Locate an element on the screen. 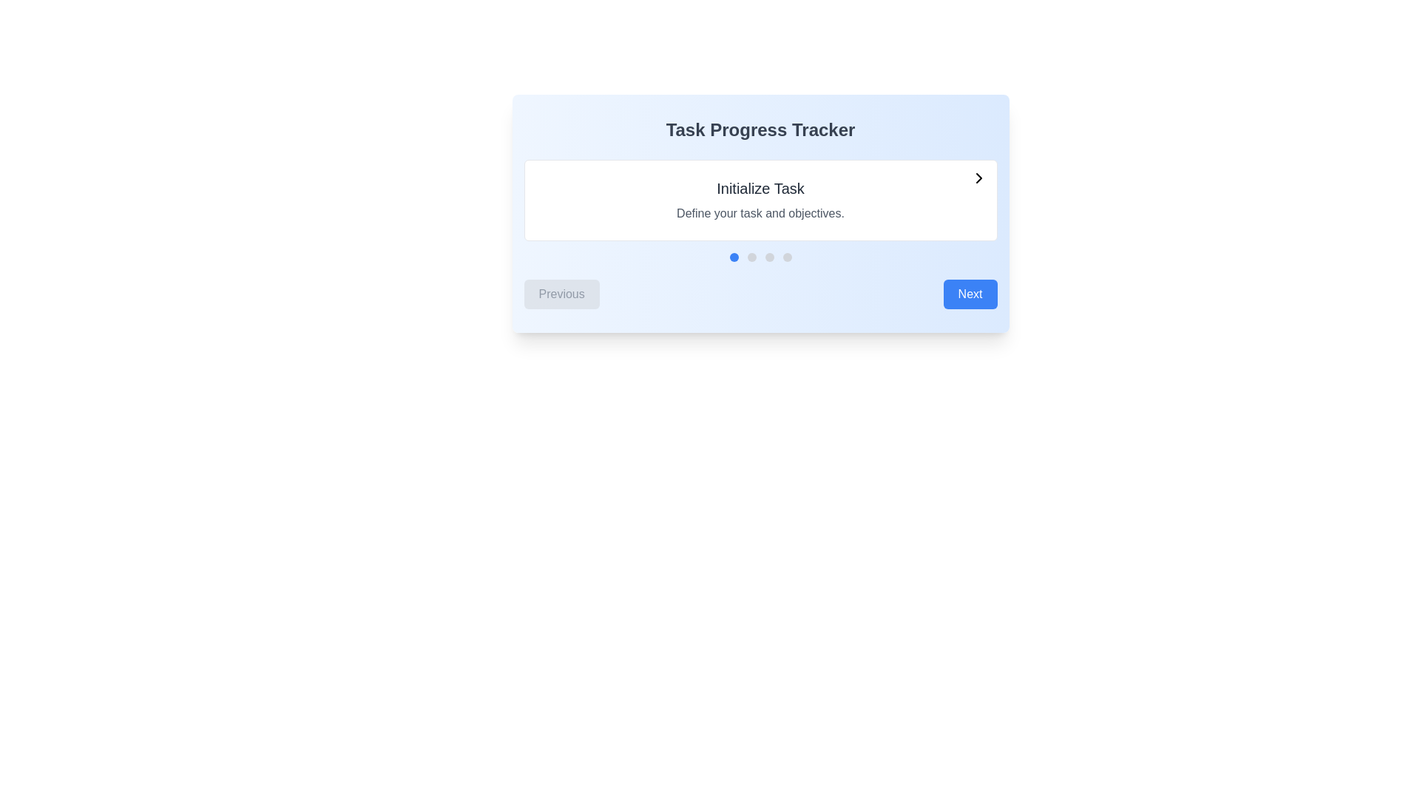 This screenshot has height=799, width=1420. the button labeled 'Next' with a blue background is located at coordinates (970, 294).